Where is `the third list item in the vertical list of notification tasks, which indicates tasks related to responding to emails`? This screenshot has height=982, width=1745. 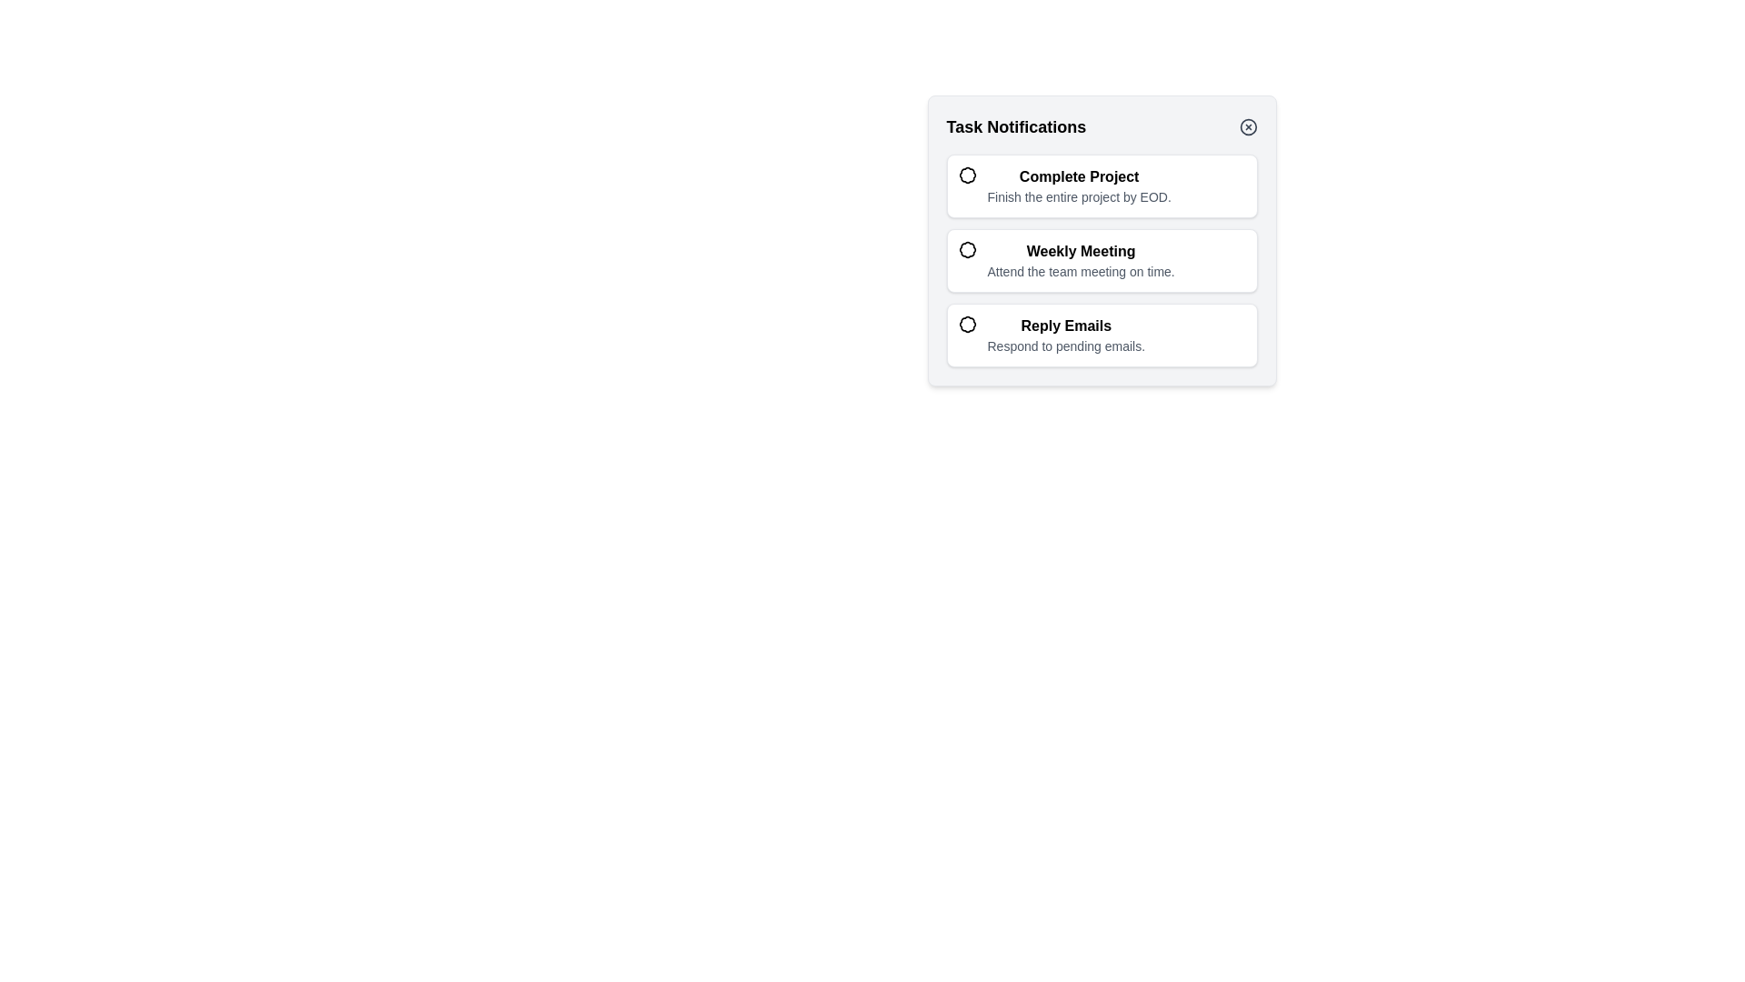 the third list item in the vertical list of notification tasks, which indicates tasks related to responding to emails is located at coordinates (1066, 336).